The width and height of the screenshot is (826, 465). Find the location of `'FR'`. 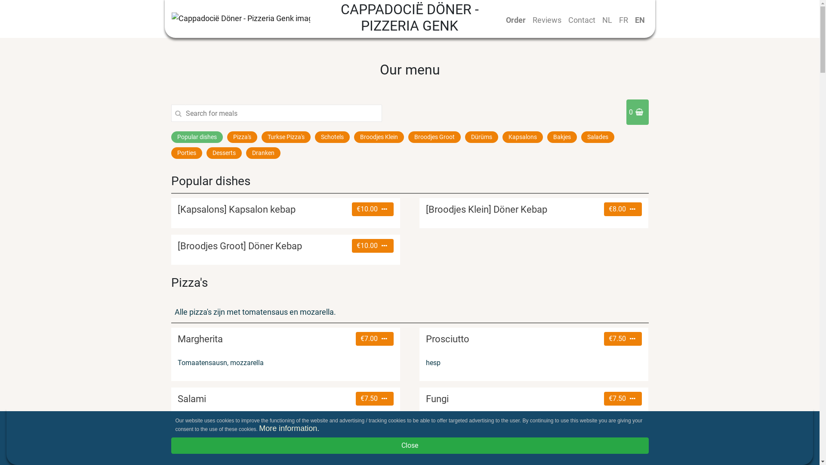

'FR' is located at coordinates (623, 19).